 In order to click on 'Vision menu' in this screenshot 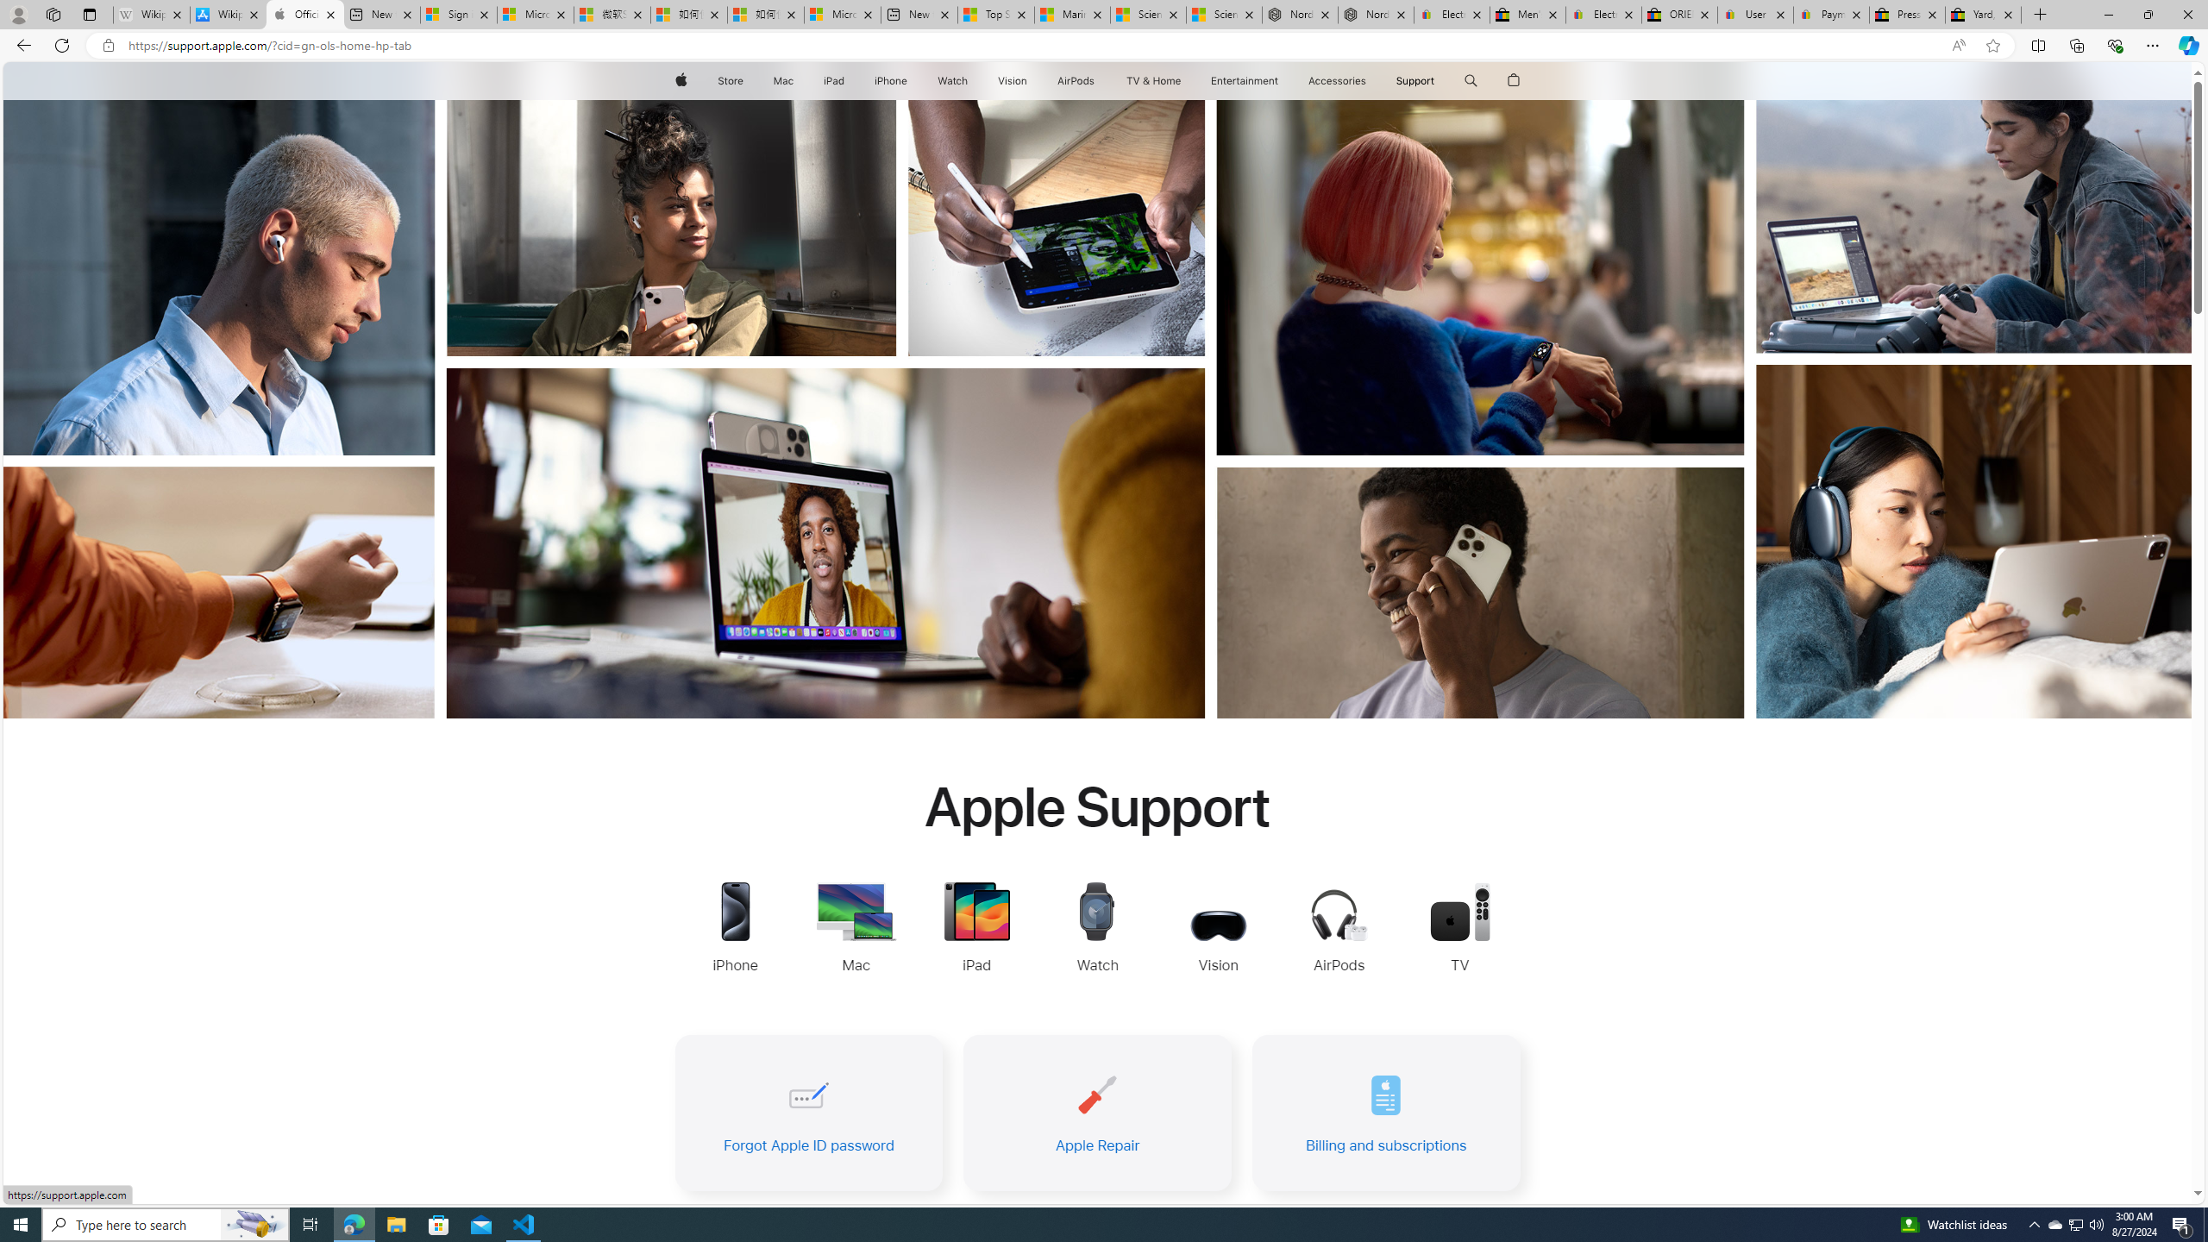, I will do `click(1030, 80)`.